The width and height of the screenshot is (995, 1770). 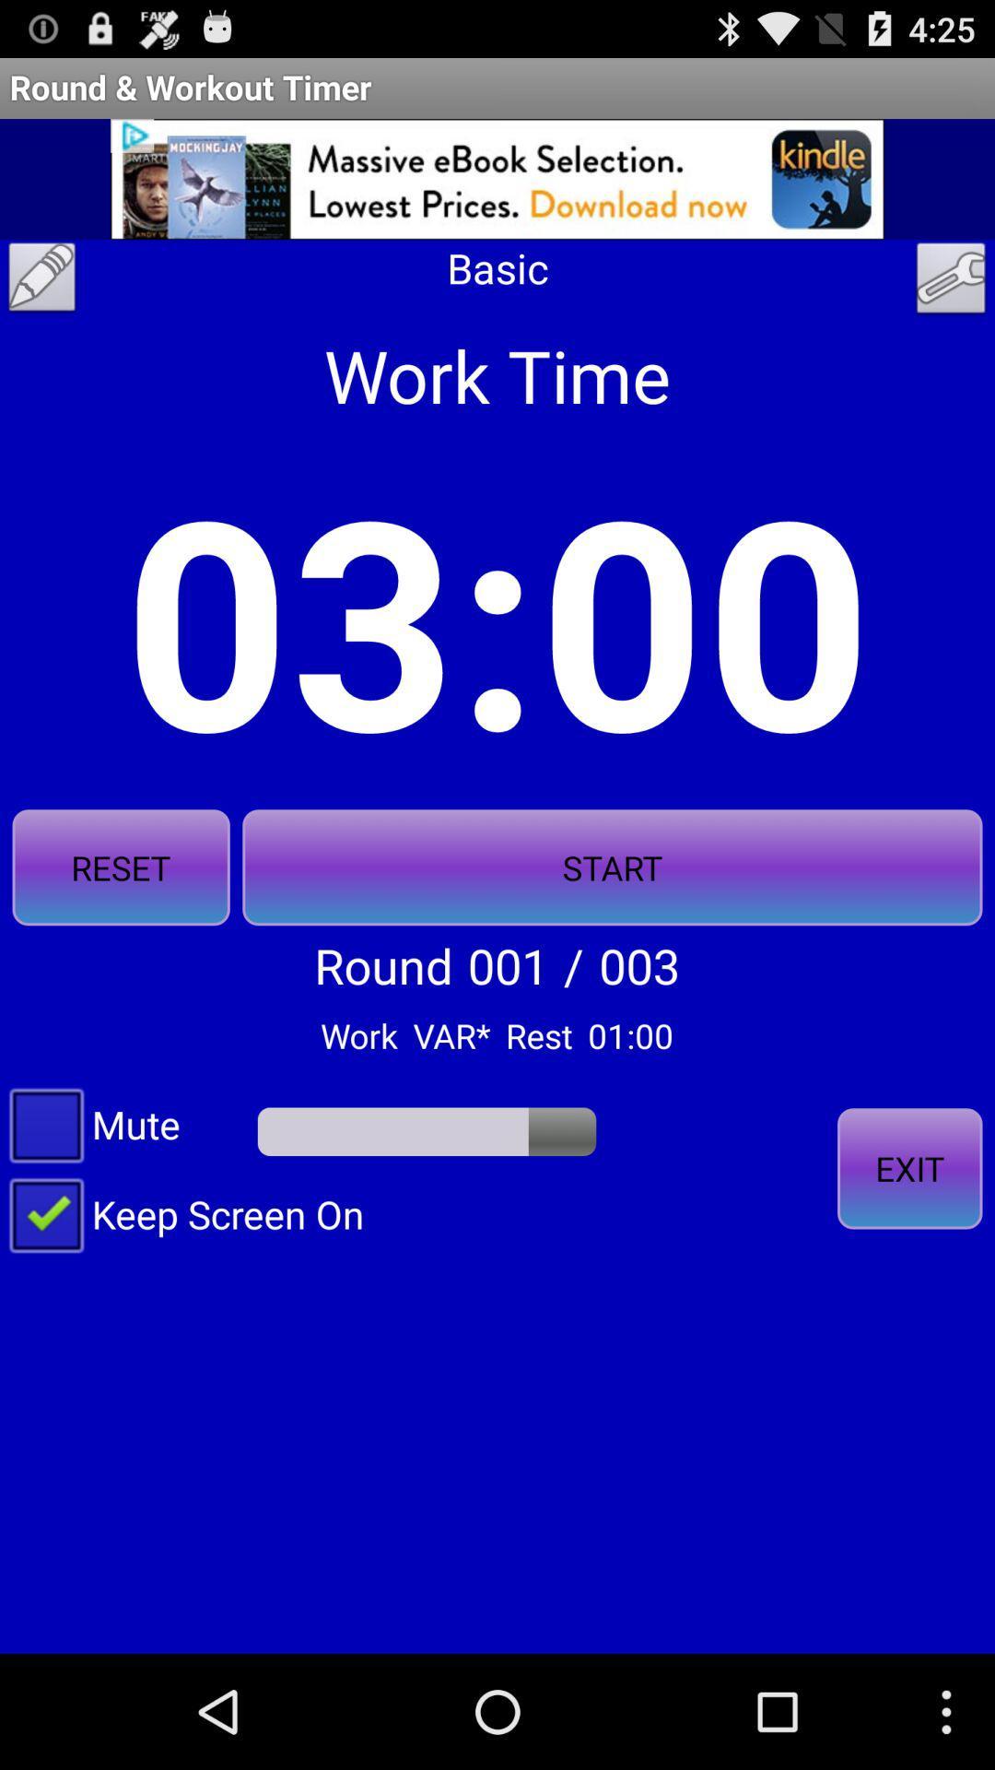 What do you see at coordinates (41, 281) in the screenshot?
I see `title of timer` at bounding box center [41, 281].